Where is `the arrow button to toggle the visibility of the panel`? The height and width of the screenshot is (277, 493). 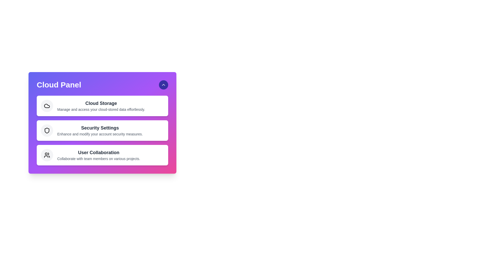 the arrow button to toggle the visibility of the panel is located at coordinates (163, 85).